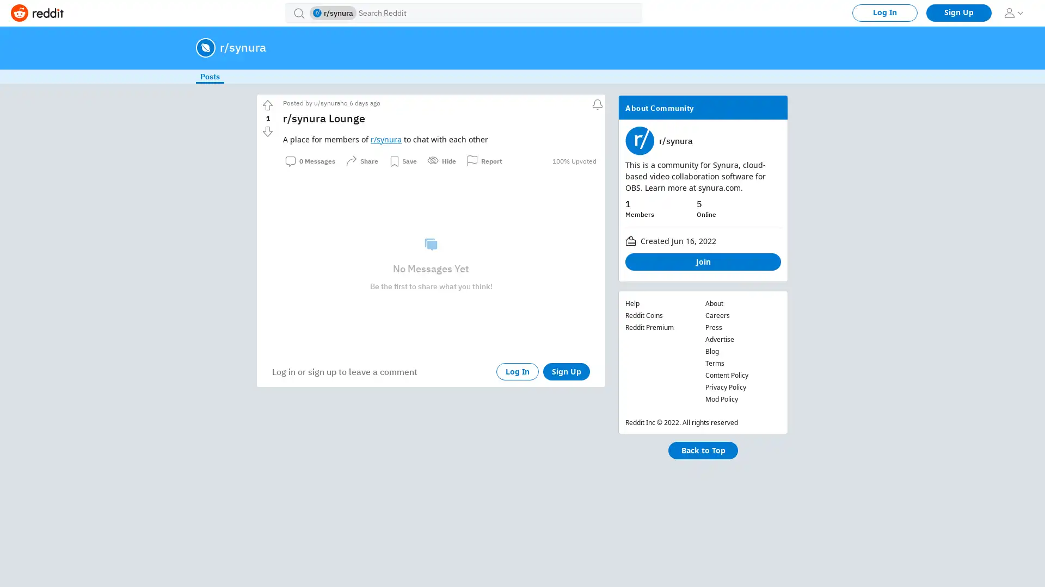  Describe the element at coordinates (958, 13) in the screenshot. I see `Sign Up` at that location.